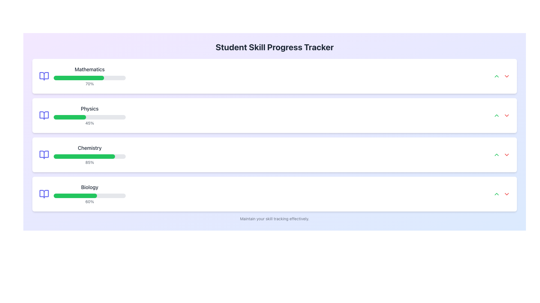 This screenshot has height=303, width=540. Describe the element at coordinates (274, 47) in the screenshot. I see `the main title Text Label at the top center of the page that provides context for the content below` at that location.